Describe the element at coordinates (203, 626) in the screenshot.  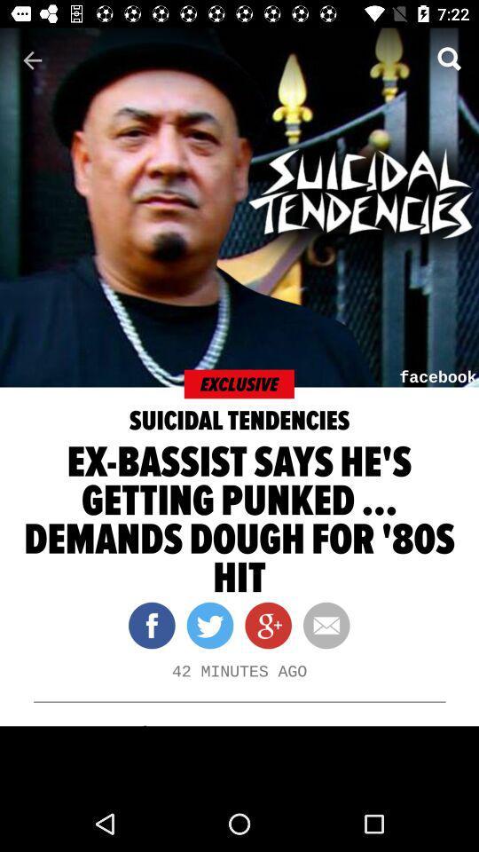
I see `the twitter icon` at that location.